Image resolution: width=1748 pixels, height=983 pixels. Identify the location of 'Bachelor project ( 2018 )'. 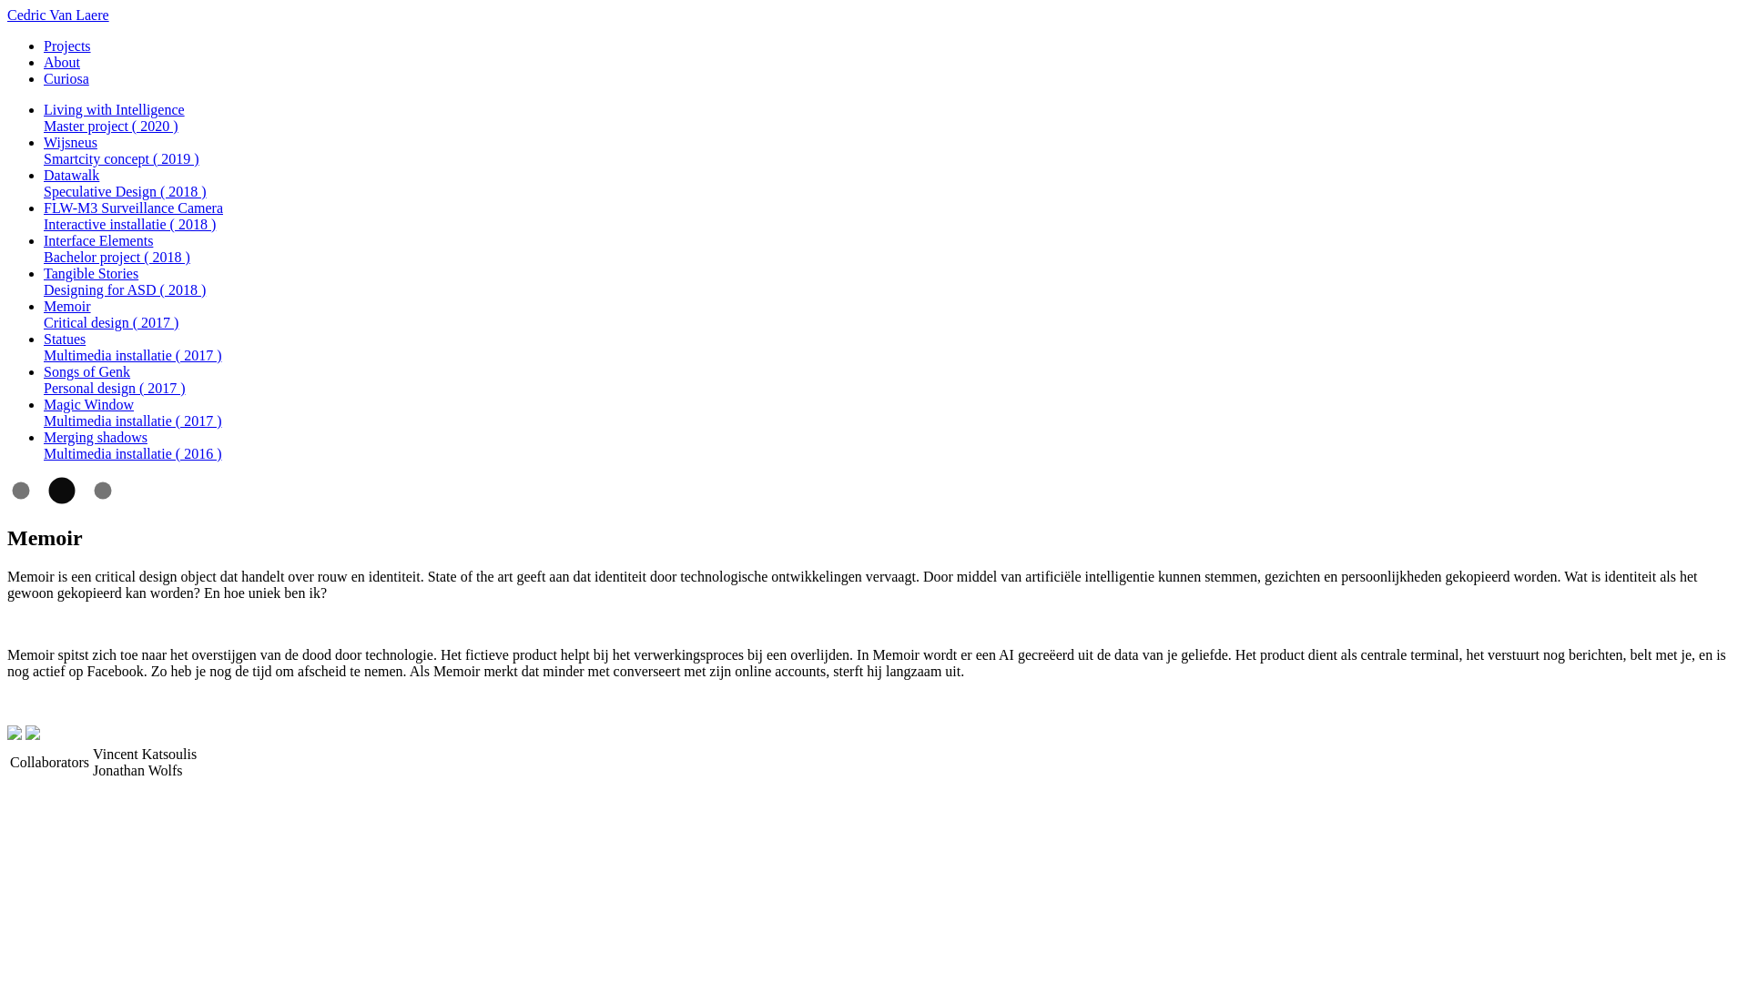
(116, 257).